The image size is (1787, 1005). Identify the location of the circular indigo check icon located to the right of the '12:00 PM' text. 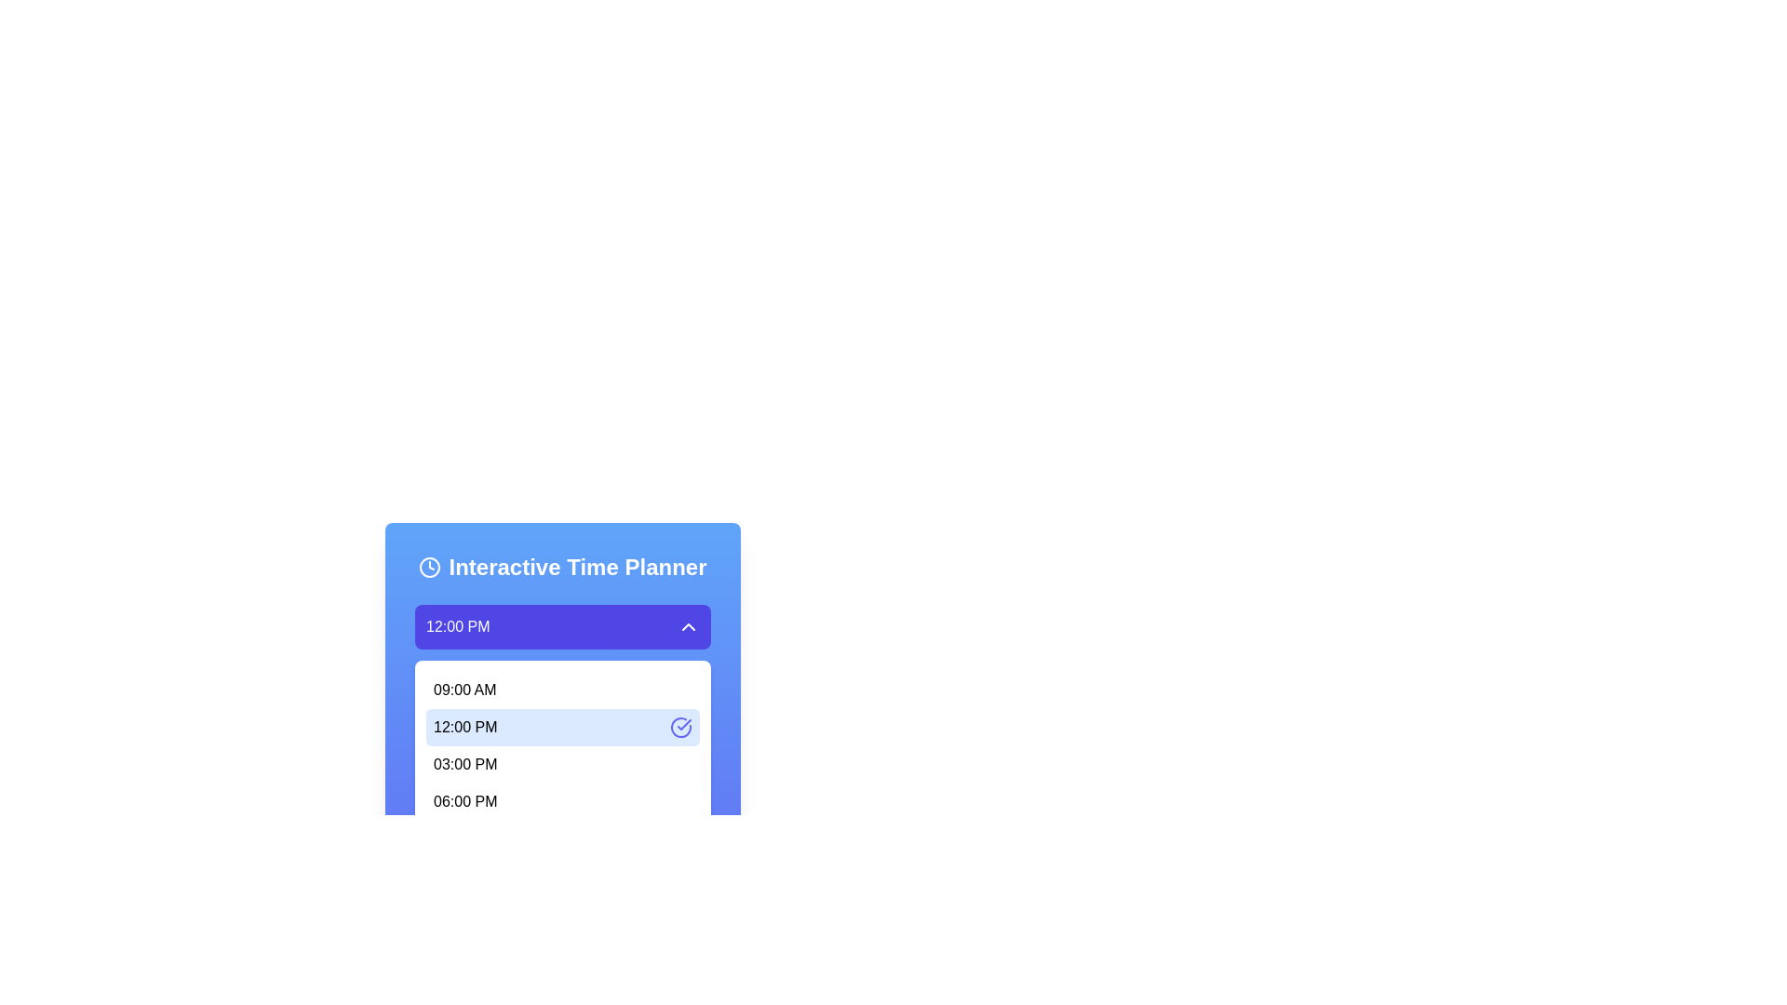
(679, 727).